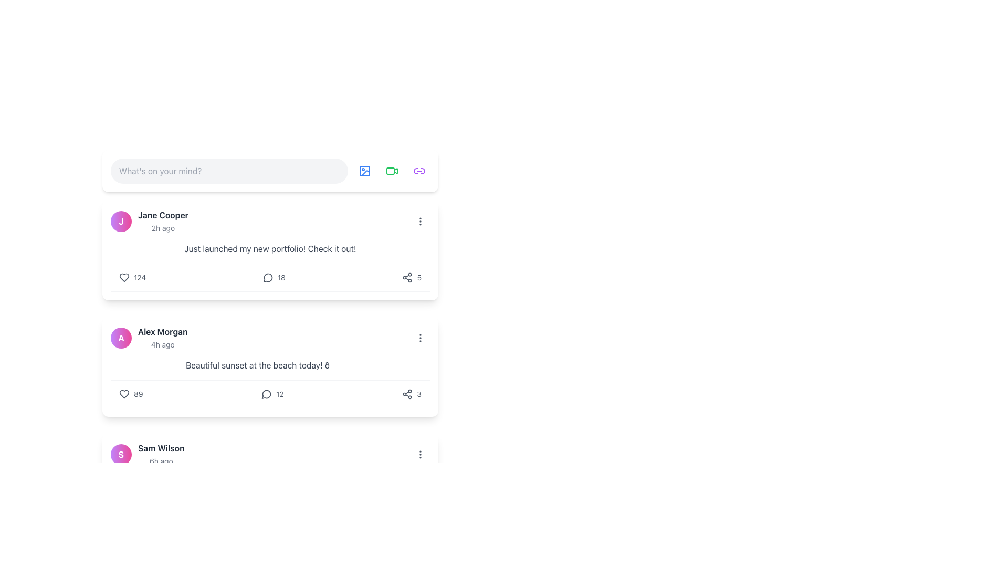 Image resolution: width=1008 pixels, height=567 pixels. I want to click on the static text label displaying the name 'Sam Wilson', which is located within the lower section of the interface as part of a user post card, so click(161, 448).